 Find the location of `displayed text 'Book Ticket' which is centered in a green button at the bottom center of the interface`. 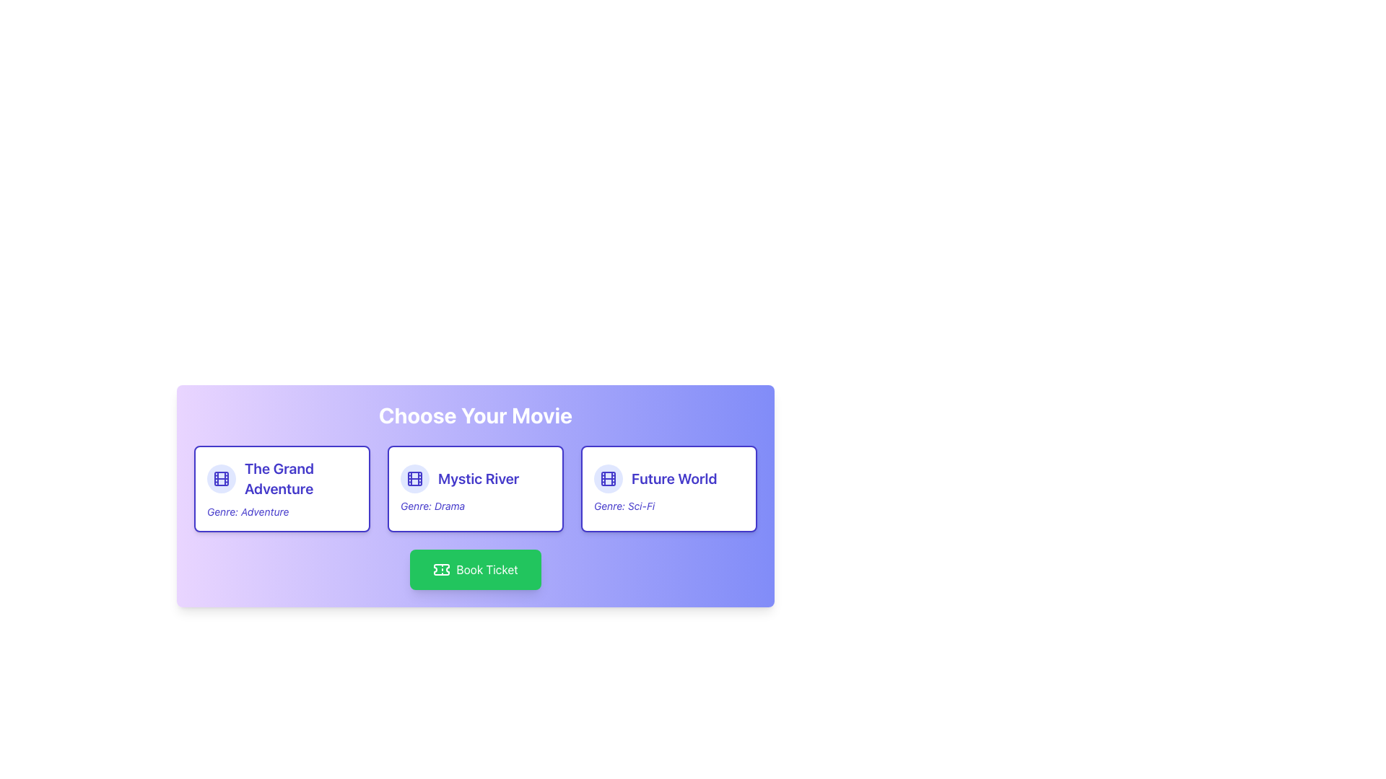

displayed text 'Book Ticket' which is centered in a green button at the bottom center of the interface is located at coordinates (487, 569).